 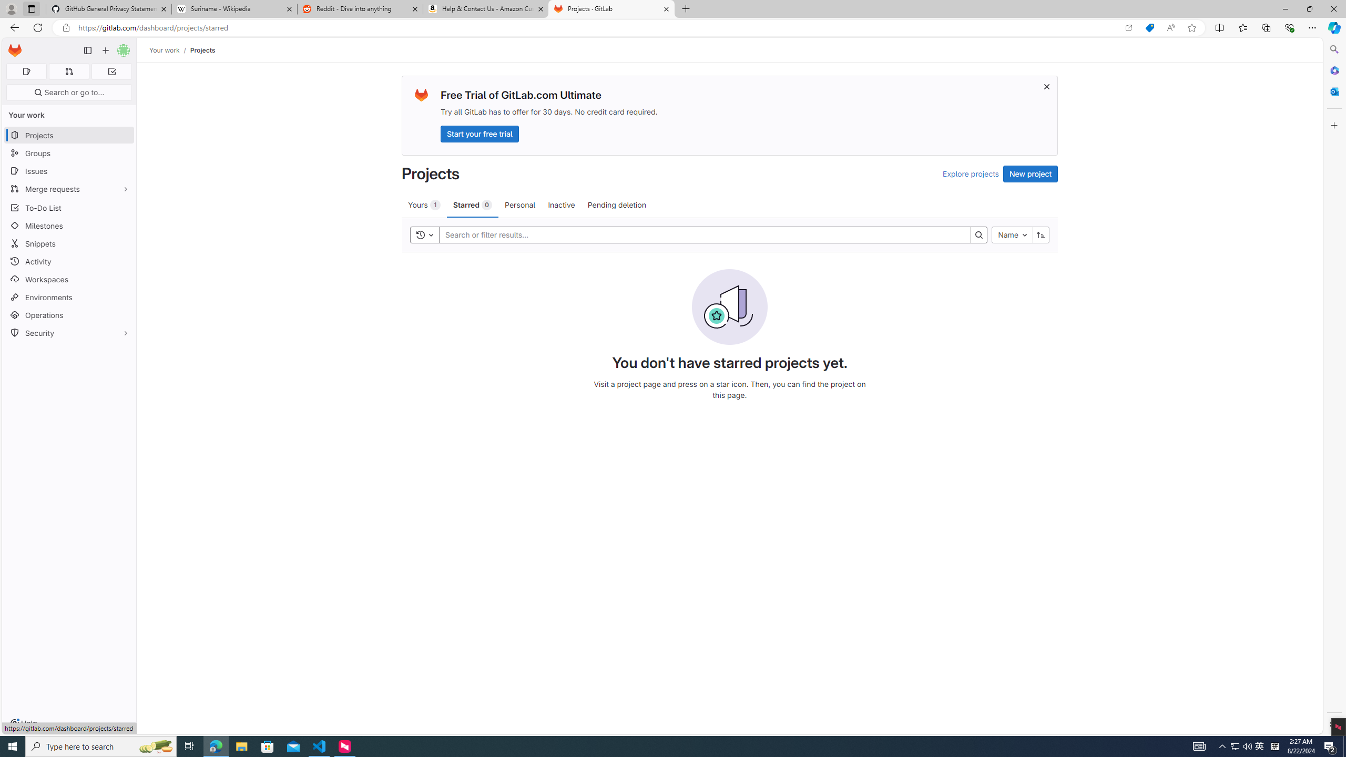 What do you see at coordinates (68, 225) in the screenshot?
I see `'Milestones'` at bounding box center [68, 225].